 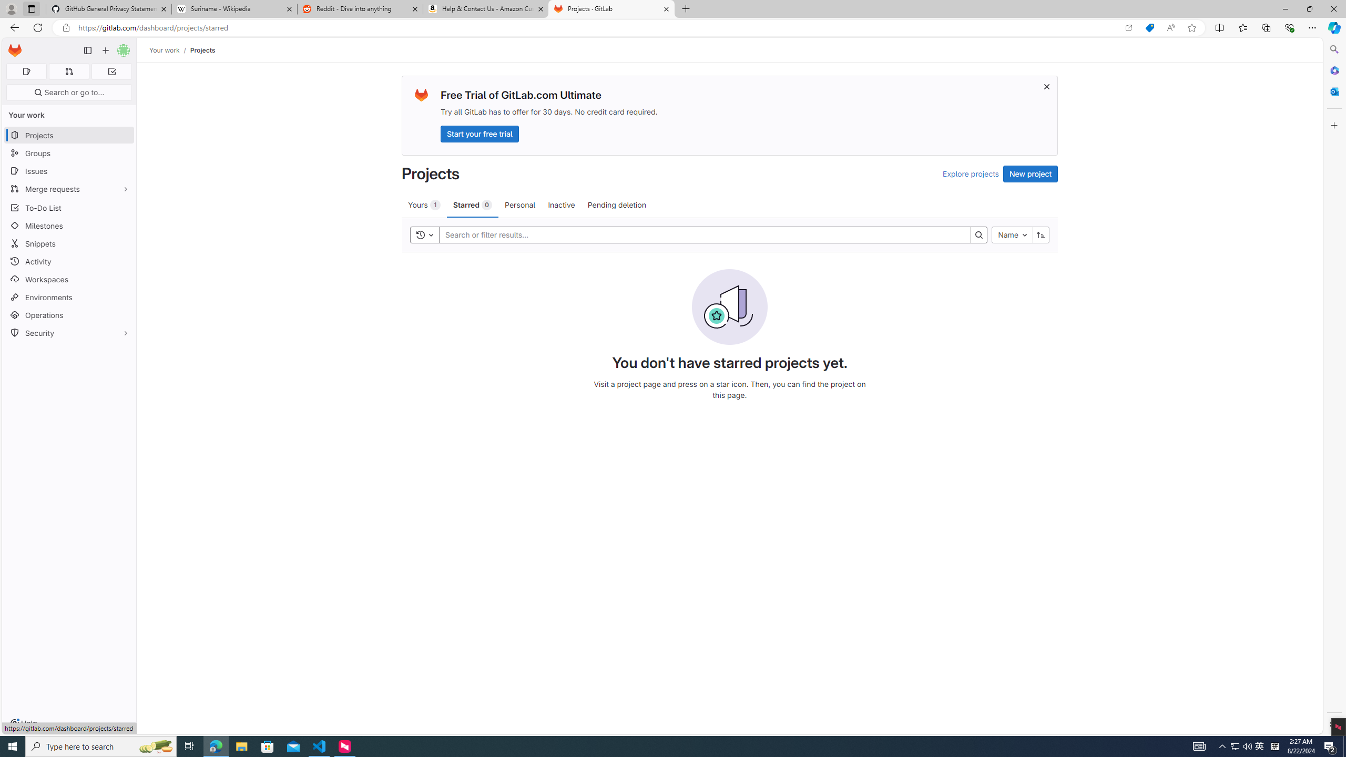 What do you see at coordinates (68, 225) in the screenshot?
I see `'Milestones'` at bounding box center [68, 225].